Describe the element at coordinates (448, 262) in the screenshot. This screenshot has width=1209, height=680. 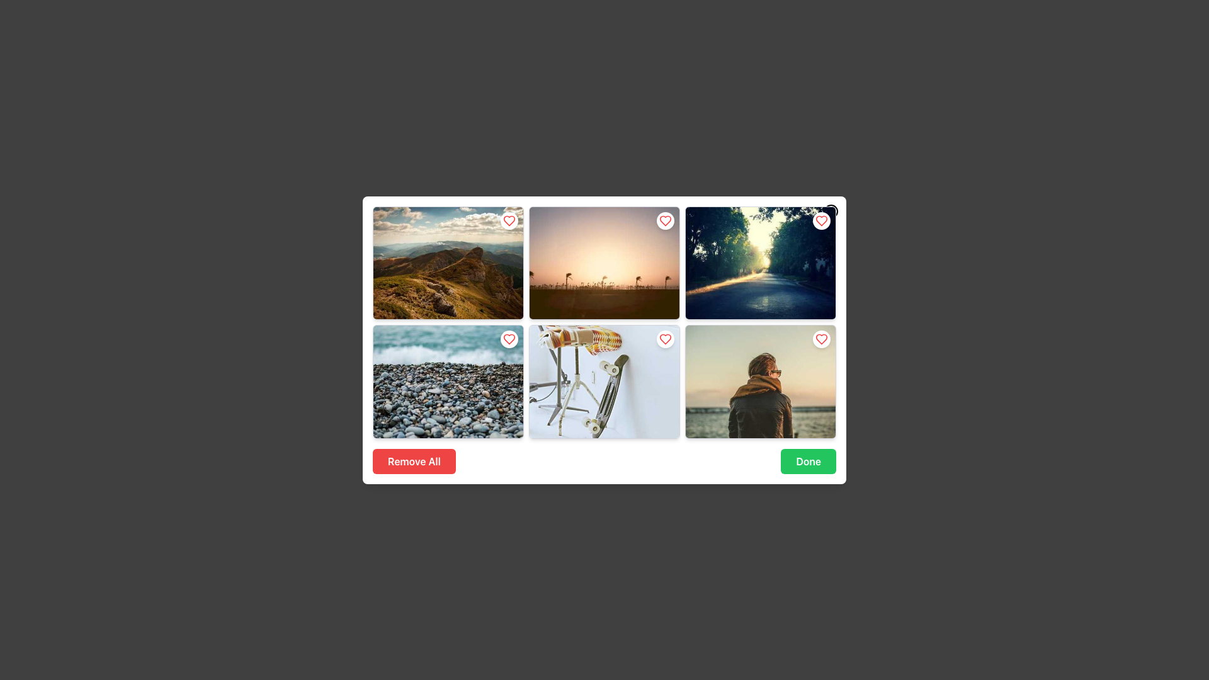
I see `the mountain landscape image` at that location.